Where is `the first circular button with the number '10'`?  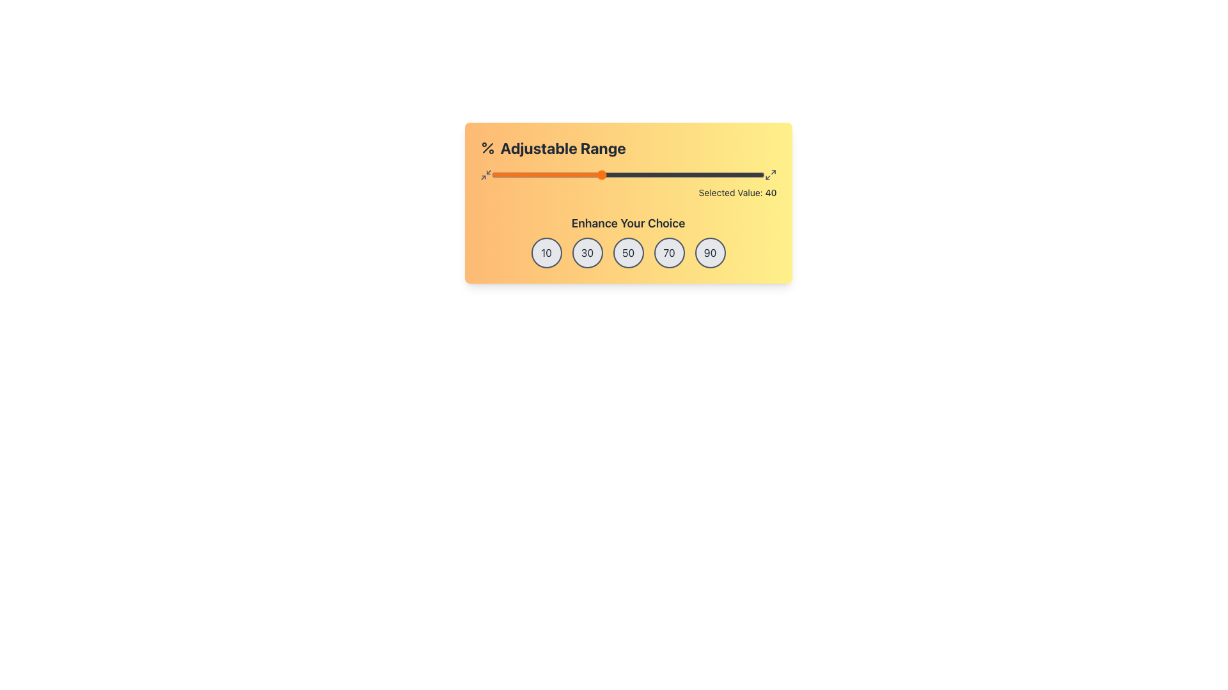
the first circular button with the number '10' is located at coordinates (546, 253).